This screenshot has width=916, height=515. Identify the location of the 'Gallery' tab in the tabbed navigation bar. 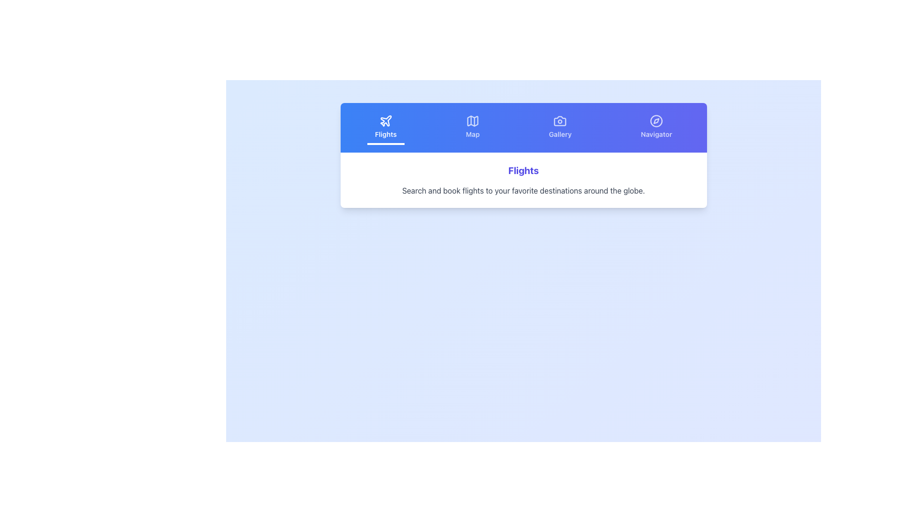
(560, 121).